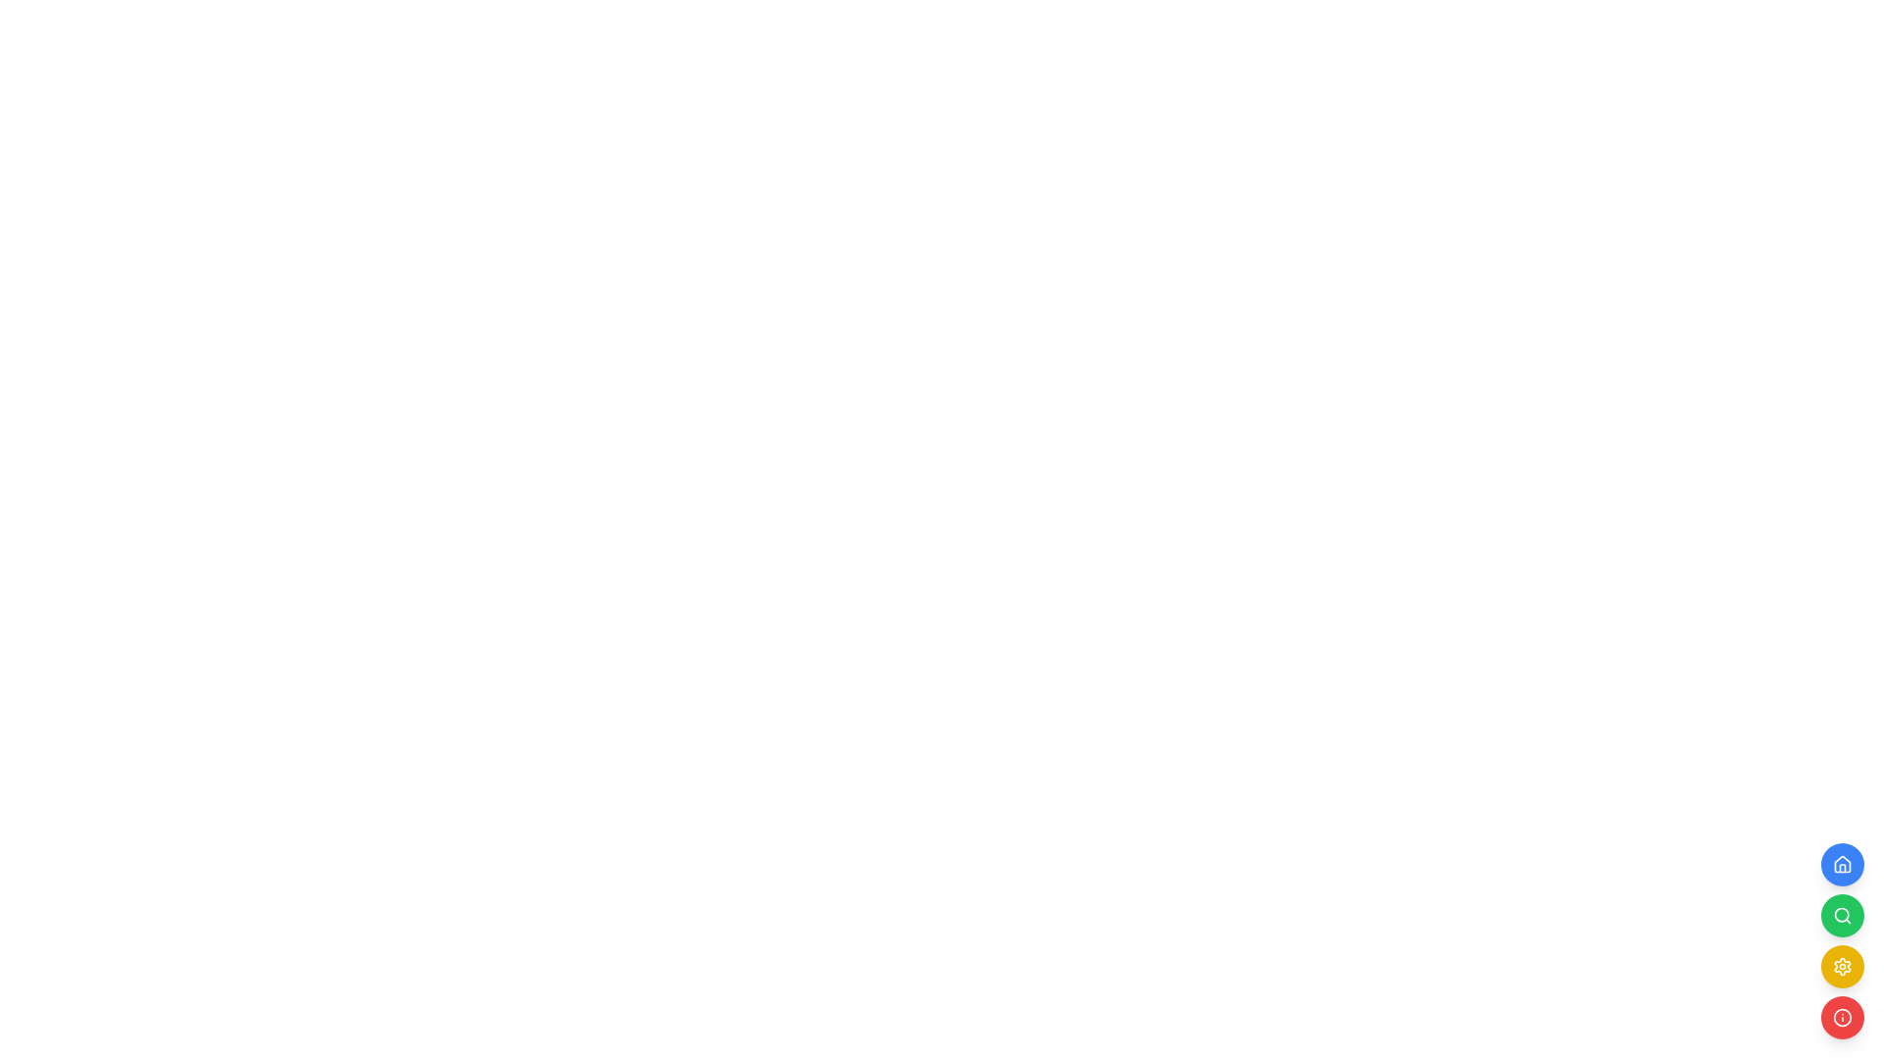 The height and width of the screenshot is (1059, 1884). What do you see at coordinates (1841, 966) in the screenshot?
I see `the settings Icon button located in the bottom-right corner of the interface, which is the third item in the vertical navigation menu` at bounding box center [1841, 966].